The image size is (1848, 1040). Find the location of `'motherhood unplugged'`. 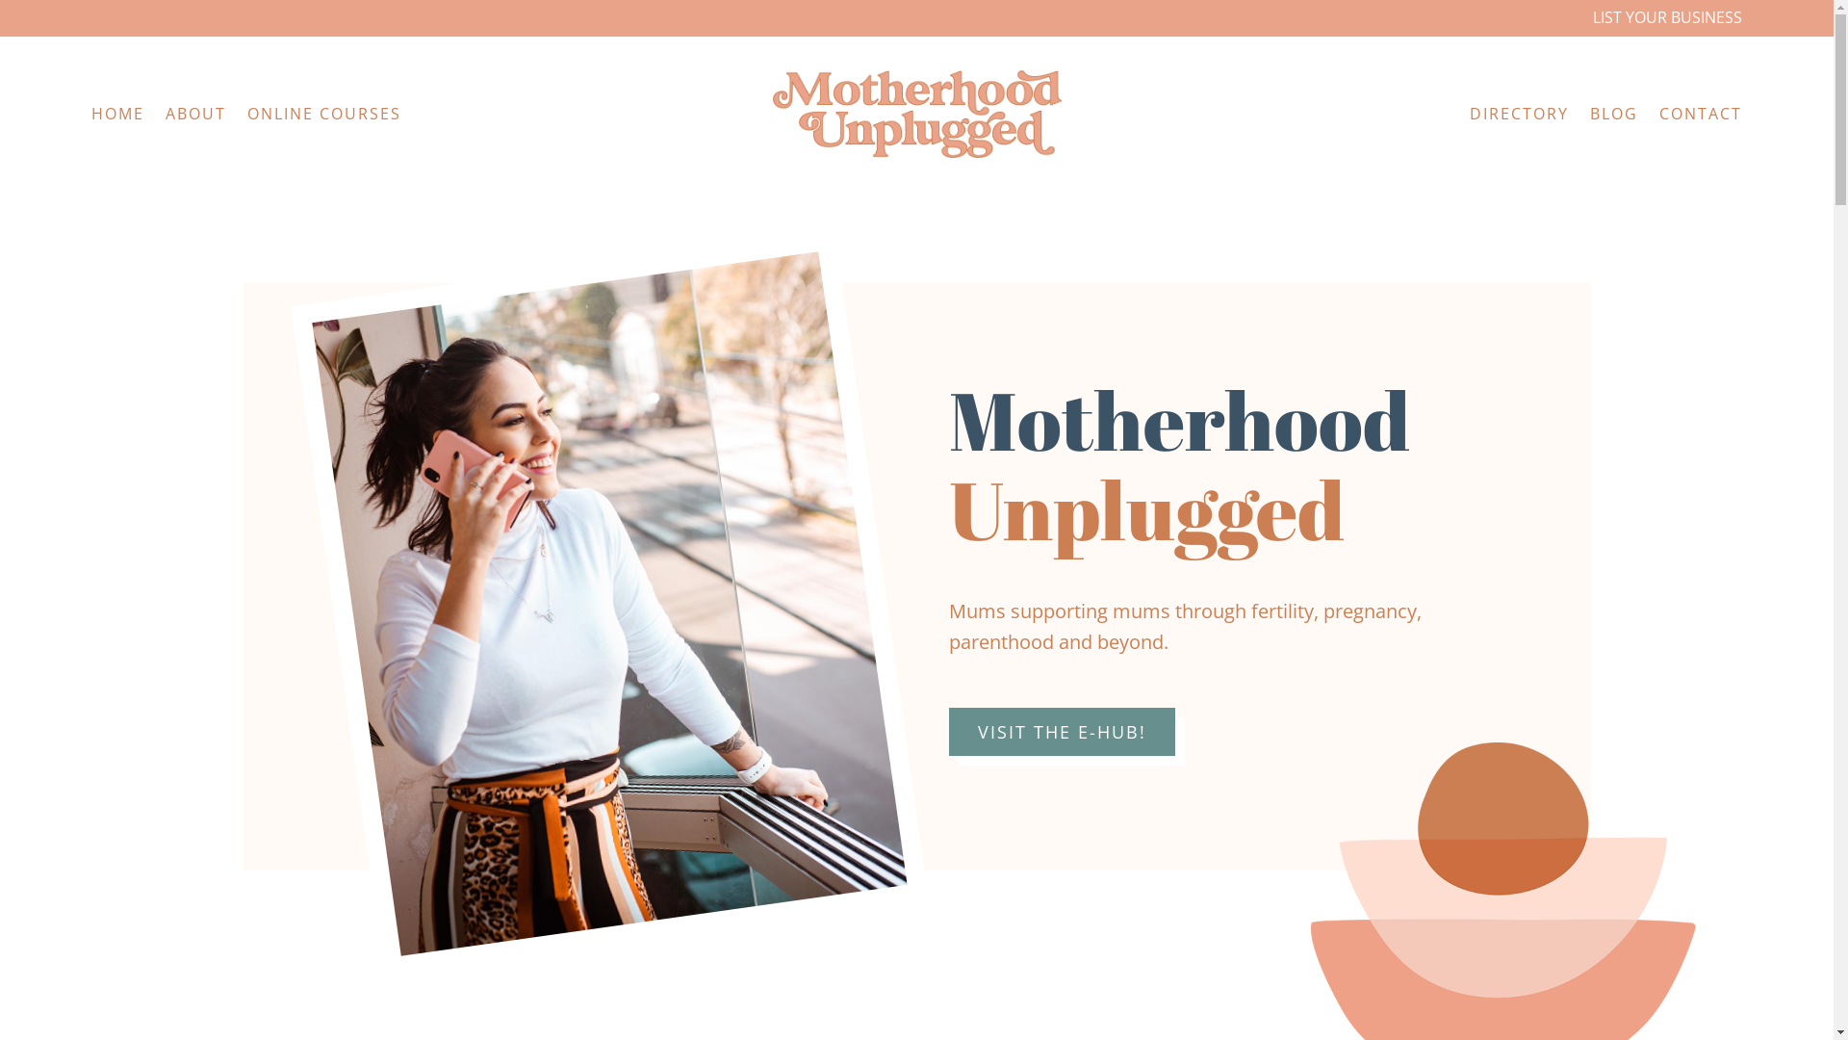

'motherhood unplugged' is located at coordinates (914, 114).